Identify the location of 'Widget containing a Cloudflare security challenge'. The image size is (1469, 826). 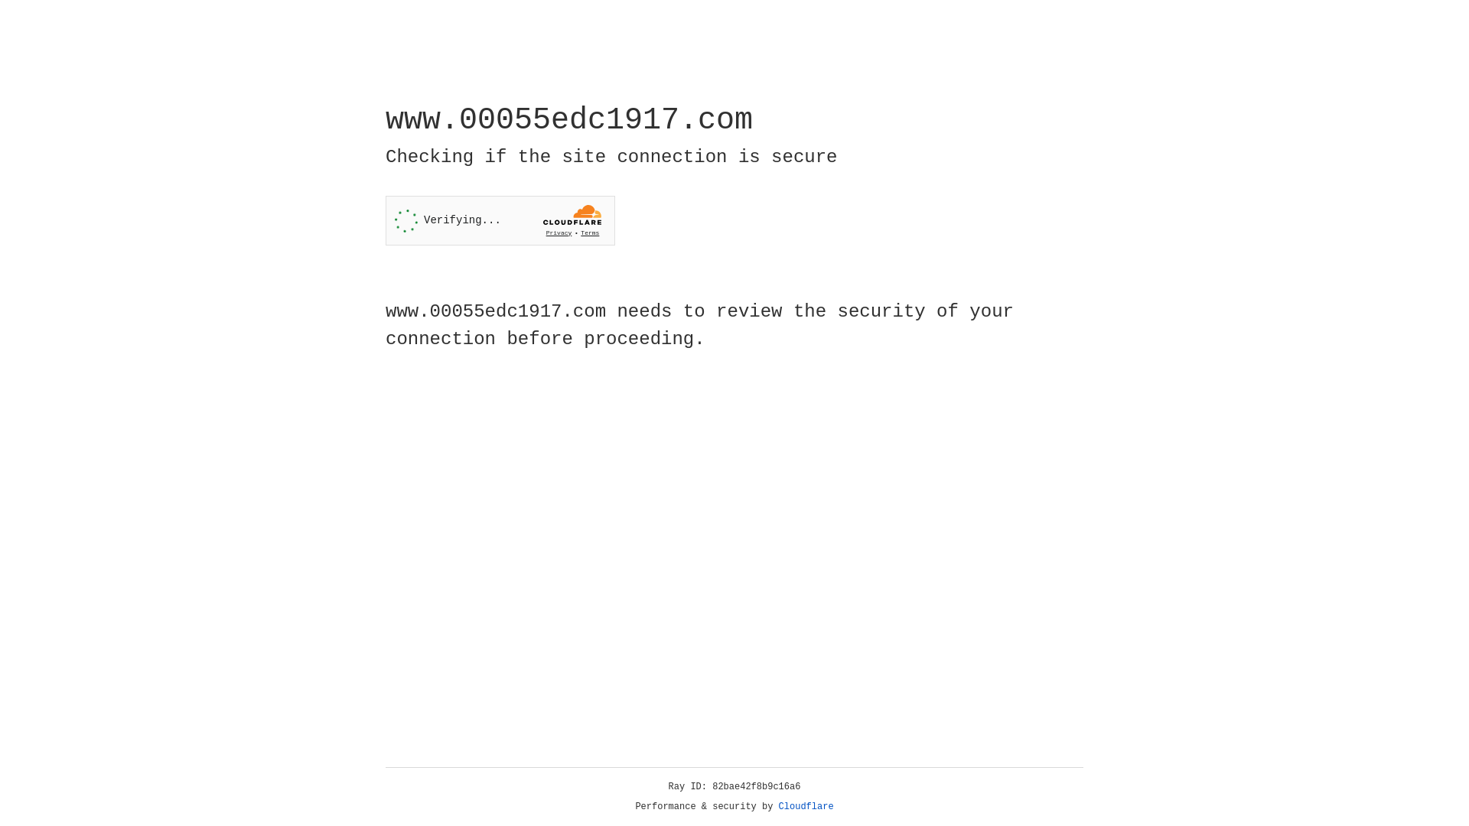
(500, 220).